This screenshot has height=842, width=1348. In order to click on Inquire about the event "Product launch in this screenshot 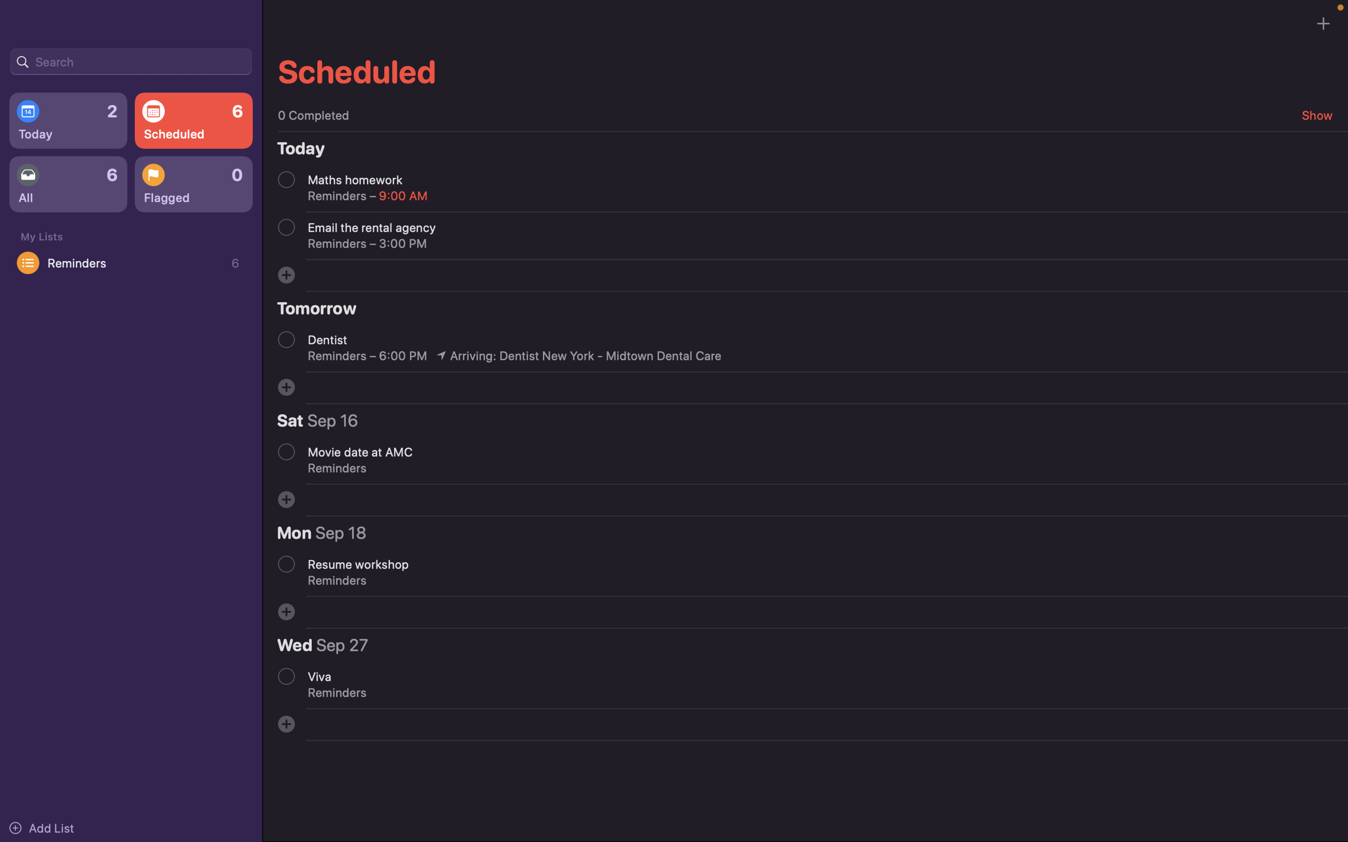, I will do `click(130, 60)`.